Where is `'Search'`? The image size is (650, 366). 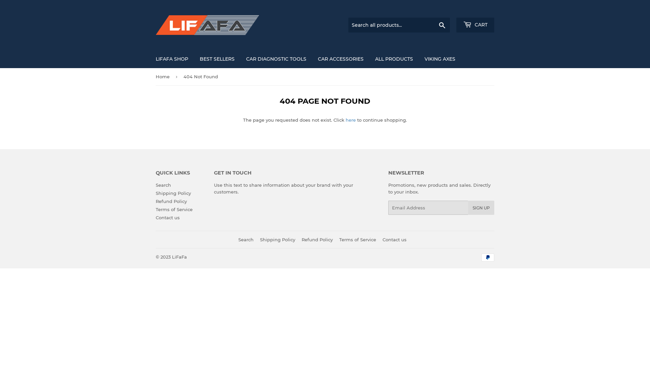 'Search' is located at coordinates (163, 185).